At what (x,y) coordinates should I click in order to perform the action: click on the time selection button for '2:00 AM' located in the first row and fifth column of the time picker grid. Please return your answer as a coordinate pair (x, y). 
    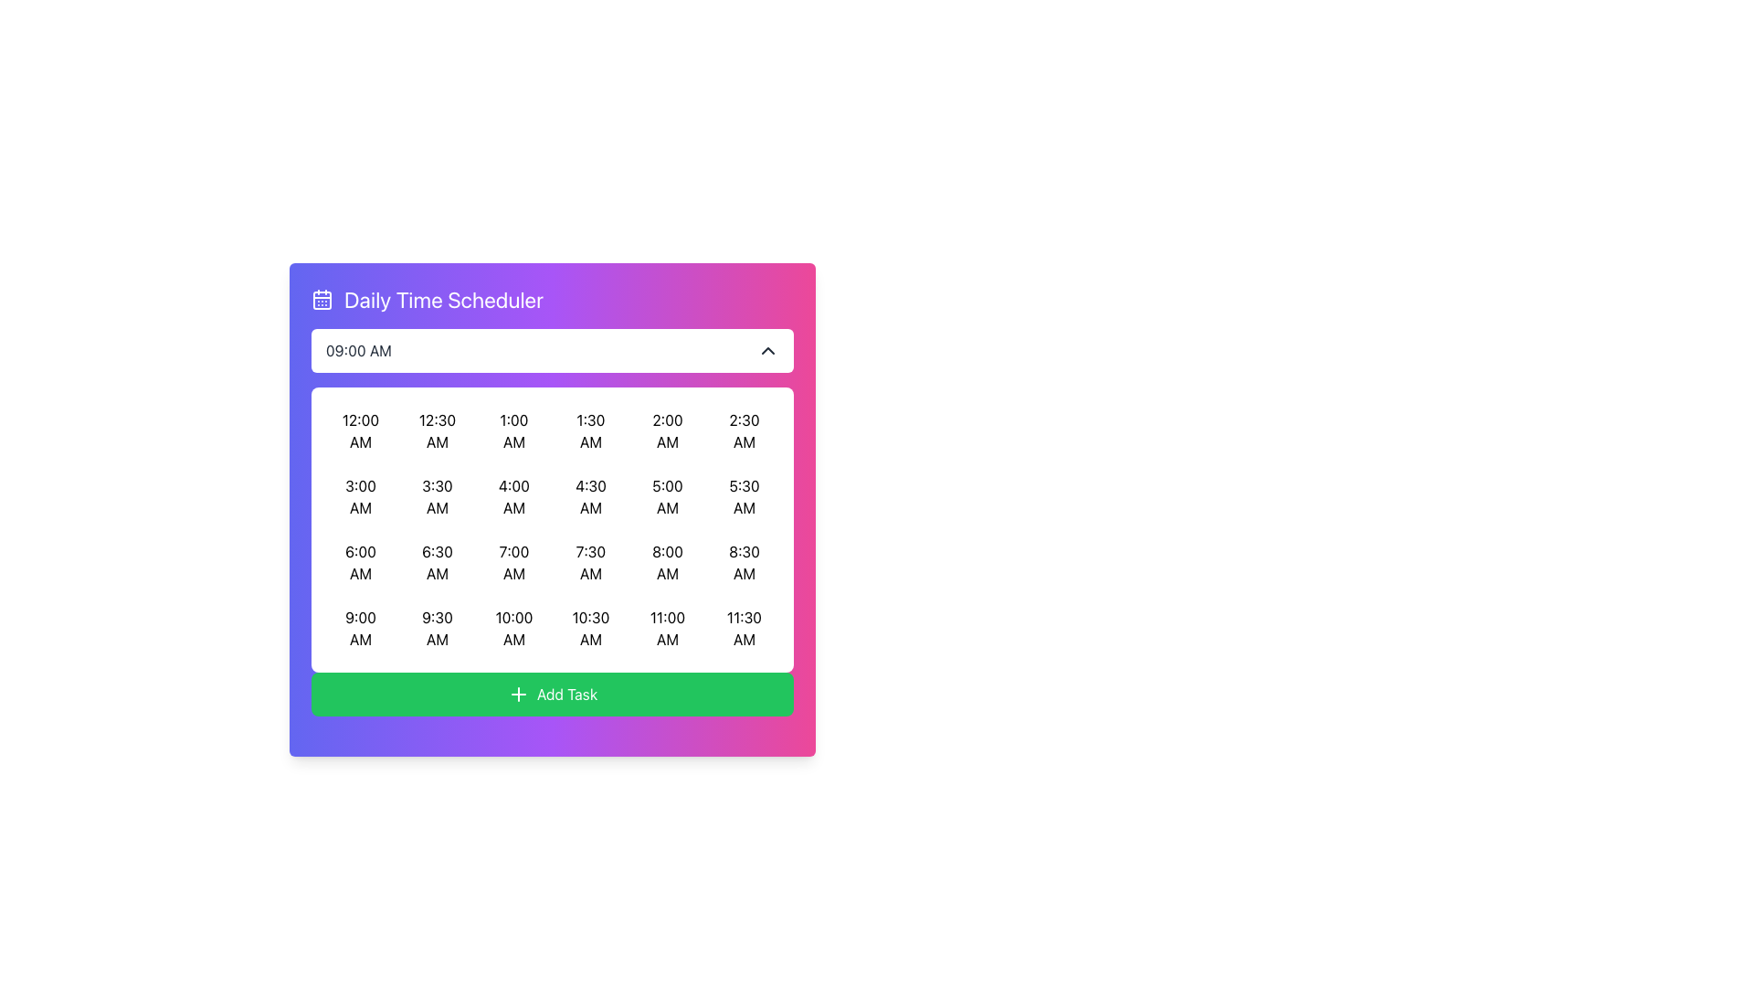
    Looking at the image, I should click on (666, 430).